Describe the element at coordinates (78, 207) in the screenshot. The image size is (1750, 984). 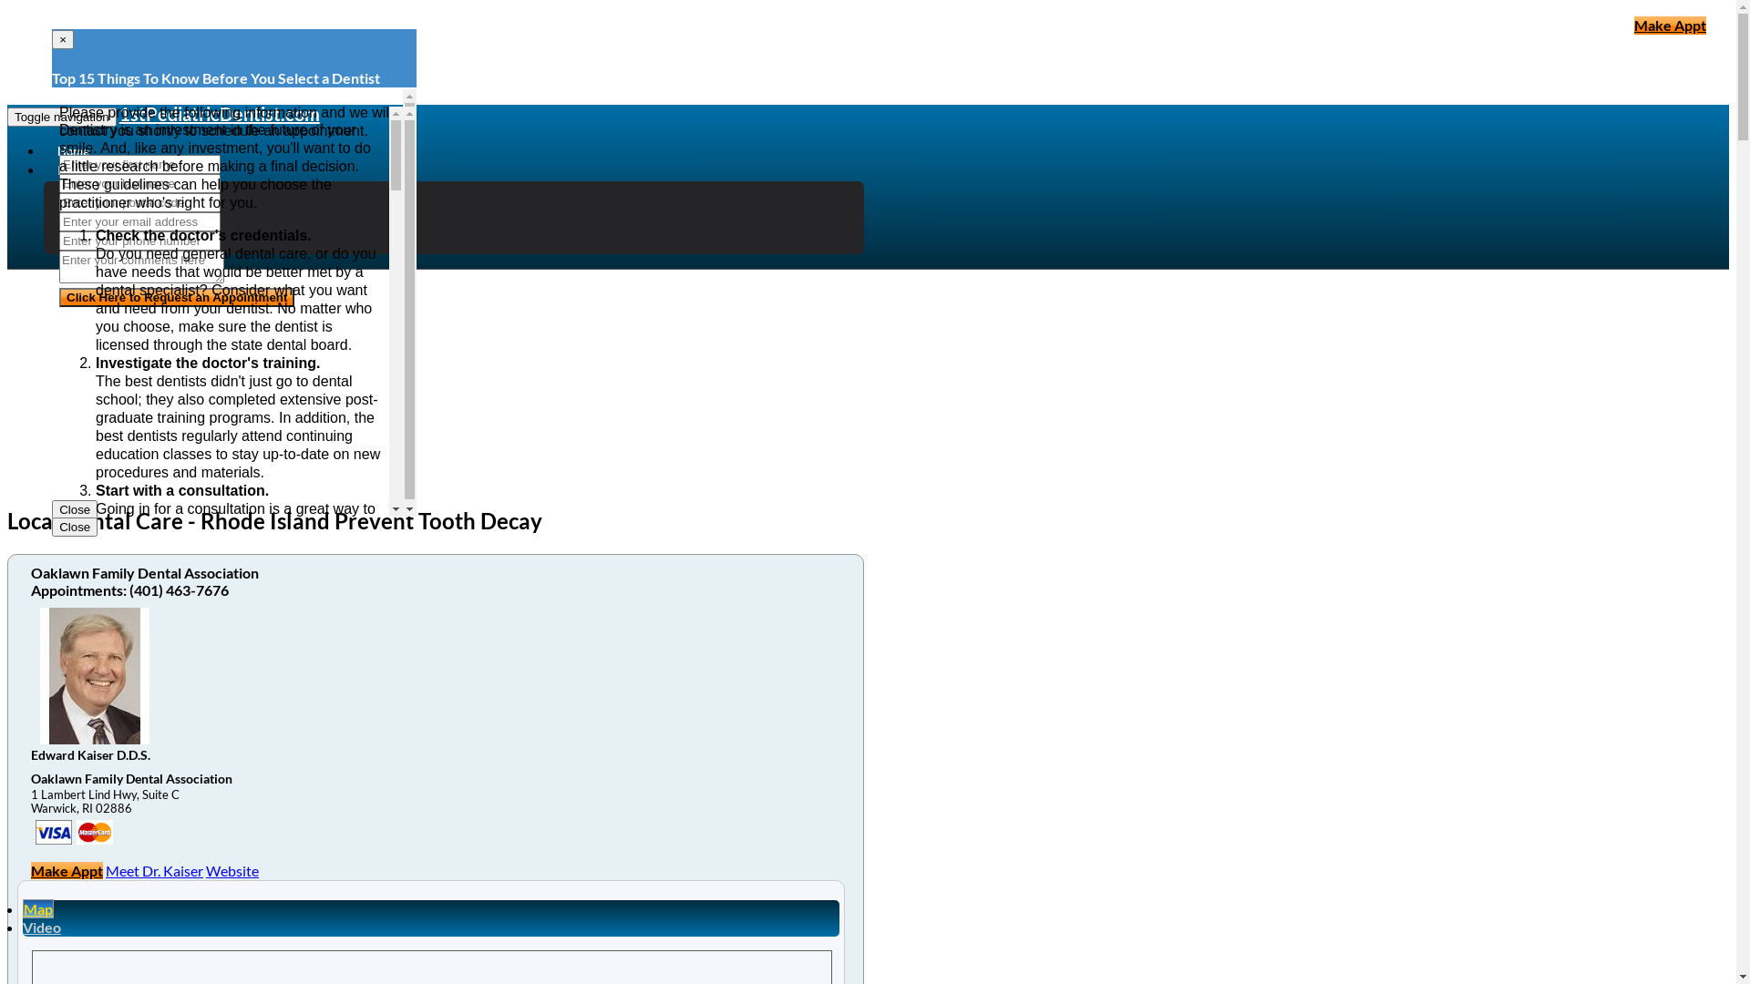
I see `'Kid's Dentistry'` at that location.